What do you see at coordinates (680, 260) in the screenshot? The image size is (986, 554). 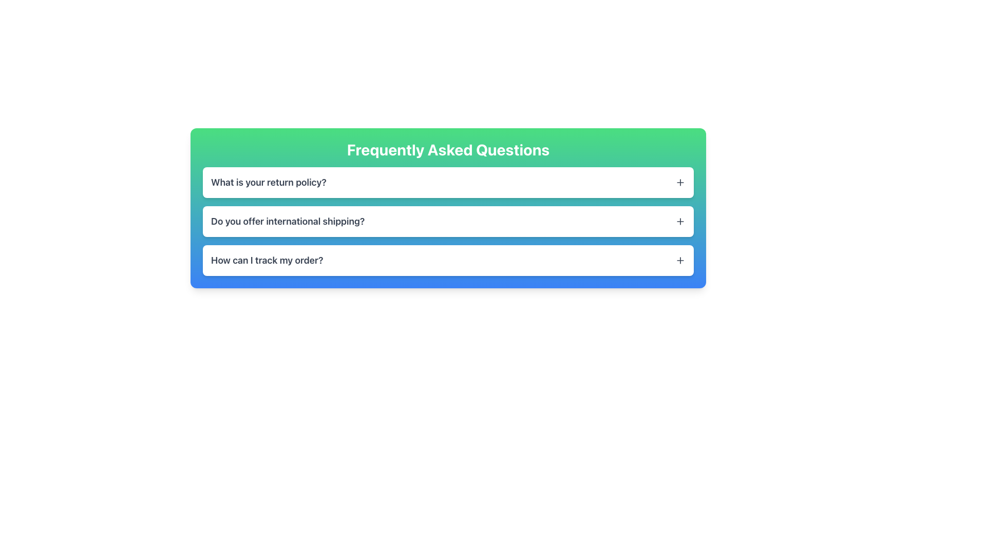 I see `the plus icon located at the right side of the 'How can I track my order?' question in the 'Frequently Asked Questions' section` at bounding box center [680, 260].